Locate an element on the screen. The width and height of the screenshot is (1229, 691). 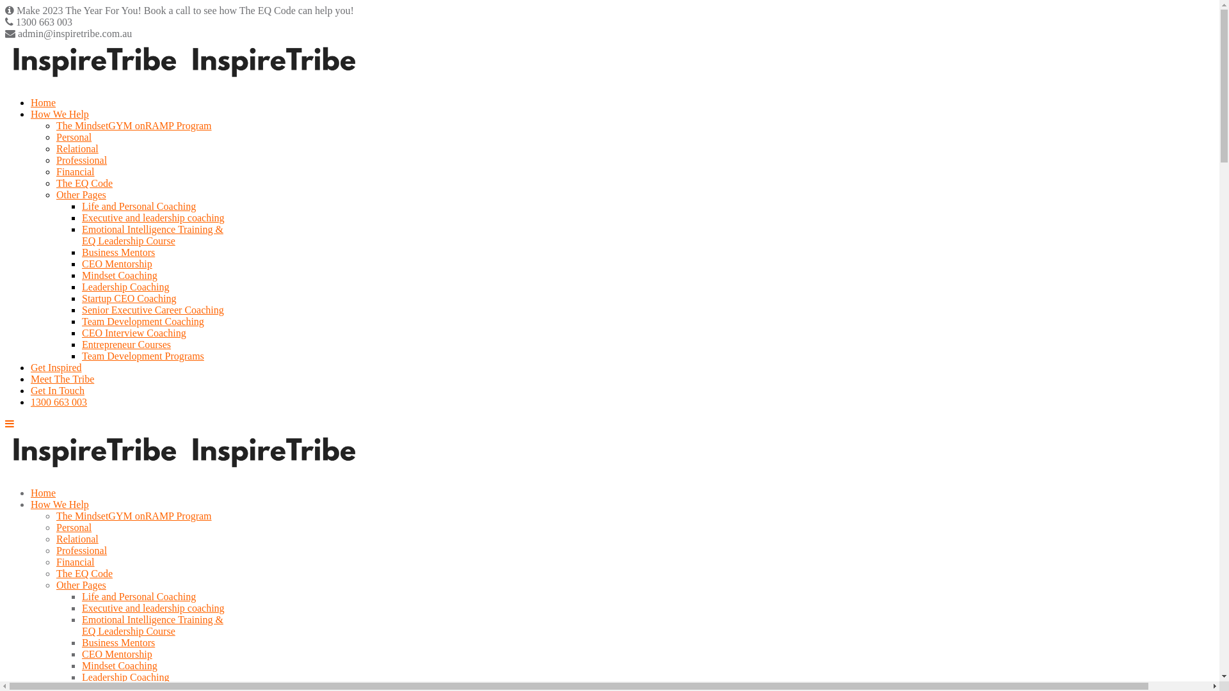
'Mindset Coaching' is located at coordinates (81, 665).